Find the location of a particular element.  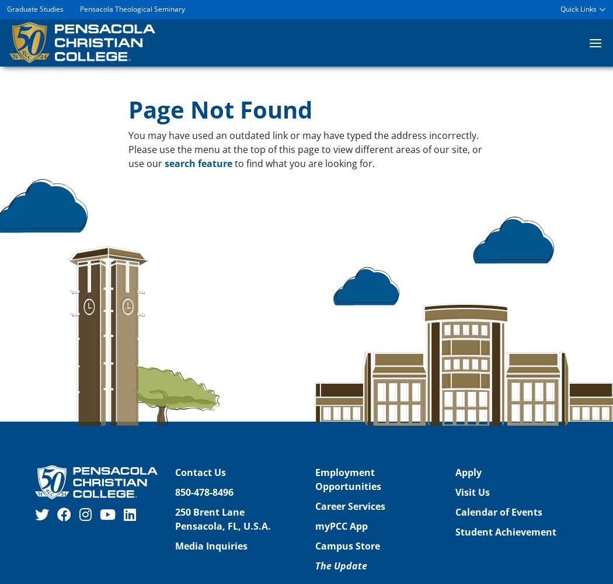

'Pensacola Theological
                        Seminary' is located at coordinates (133, 9).